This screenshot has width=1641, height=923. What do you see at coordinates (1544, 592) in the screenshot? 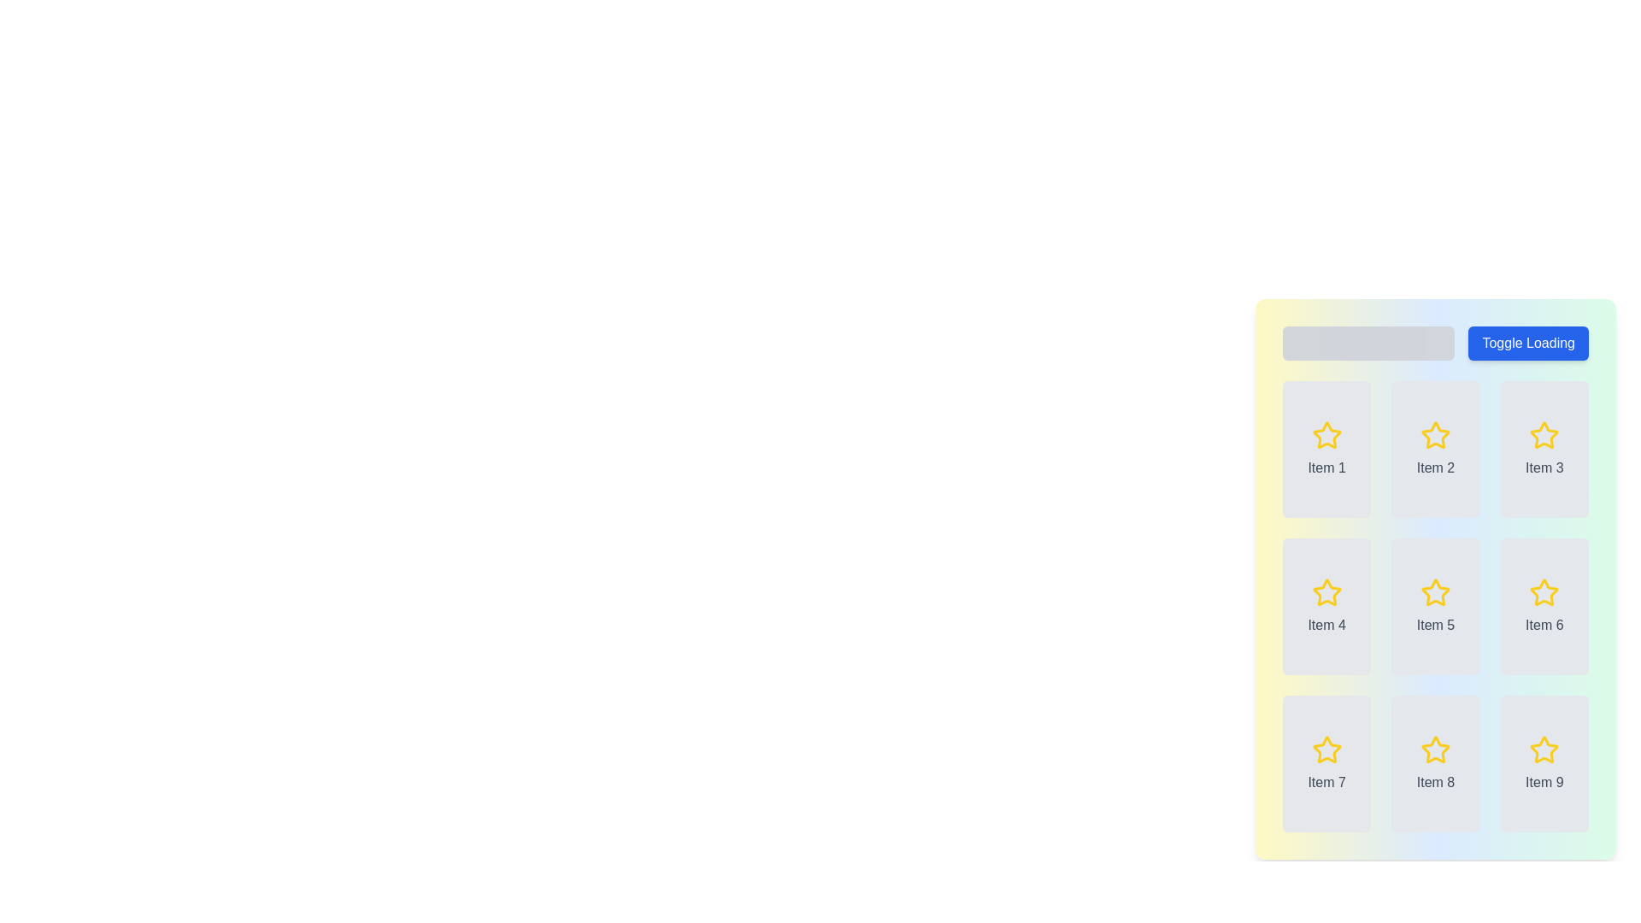
I see `the unfilled yellow-bordered star icon located in the second row and third column above the text 'Item 6'` at bounding box center [1544, 592].